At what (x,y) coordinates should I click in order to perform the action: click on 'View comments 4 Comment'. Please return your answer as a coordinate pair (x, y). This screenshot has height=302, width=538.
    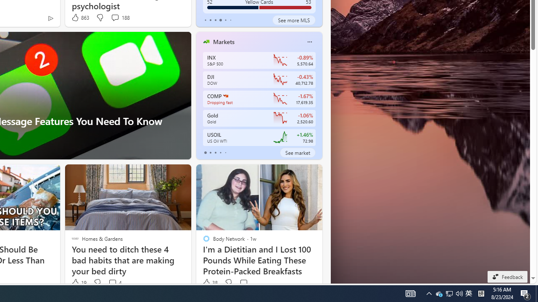
    Looking at the image, I should click on (114, 283).